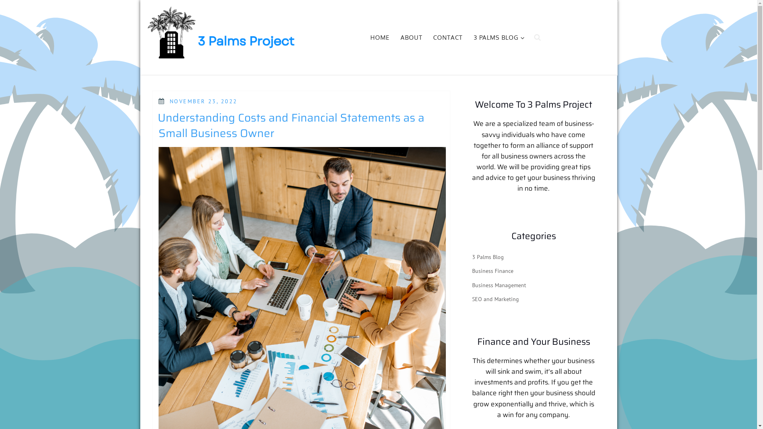 The height and width of the screenshot is (429, 763). Describe the element at coordinates (396, 38) in the screenshot. I see `'ABOUT'` at that location.